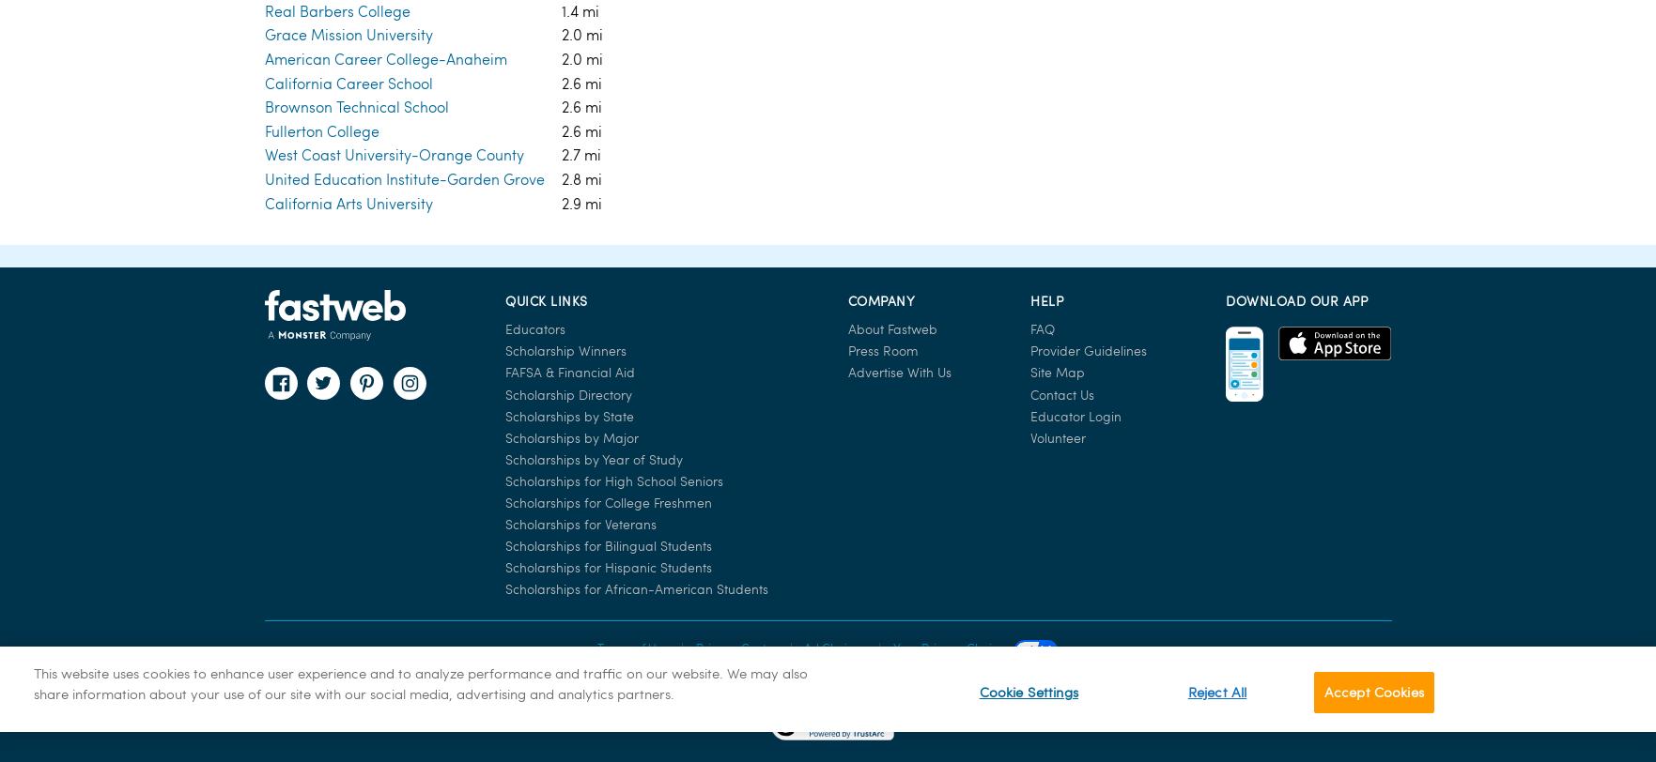 Image resolution: width=1656 pixels, height=762 pixels. Describe the element at coordinates (609, 164) in the screenshot. I see `'Scholarships for Bilingual Students'` at that location.